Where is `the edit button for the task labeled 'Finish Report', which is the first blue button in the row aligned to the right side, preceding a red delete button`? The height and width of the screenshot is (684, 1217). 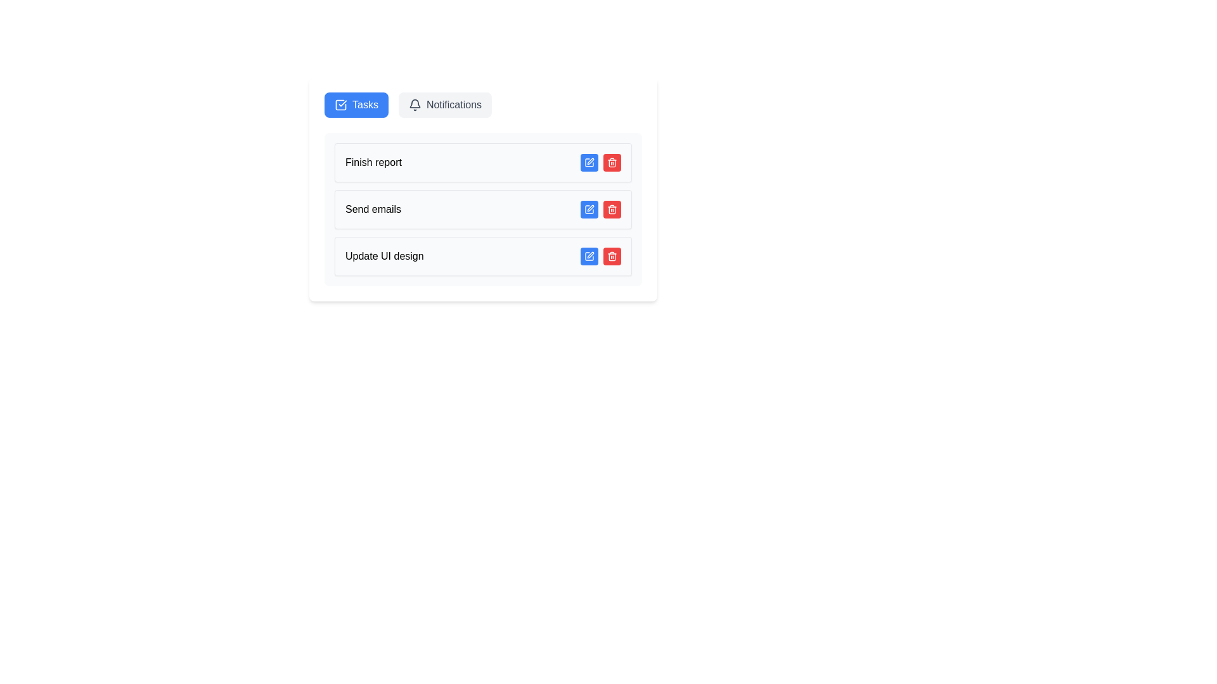 the edit button for the task labeled 'Finish Report', which is the first blue button in the row aligned to the right side, preceding a red delete button is located at coordinates (589, 162).